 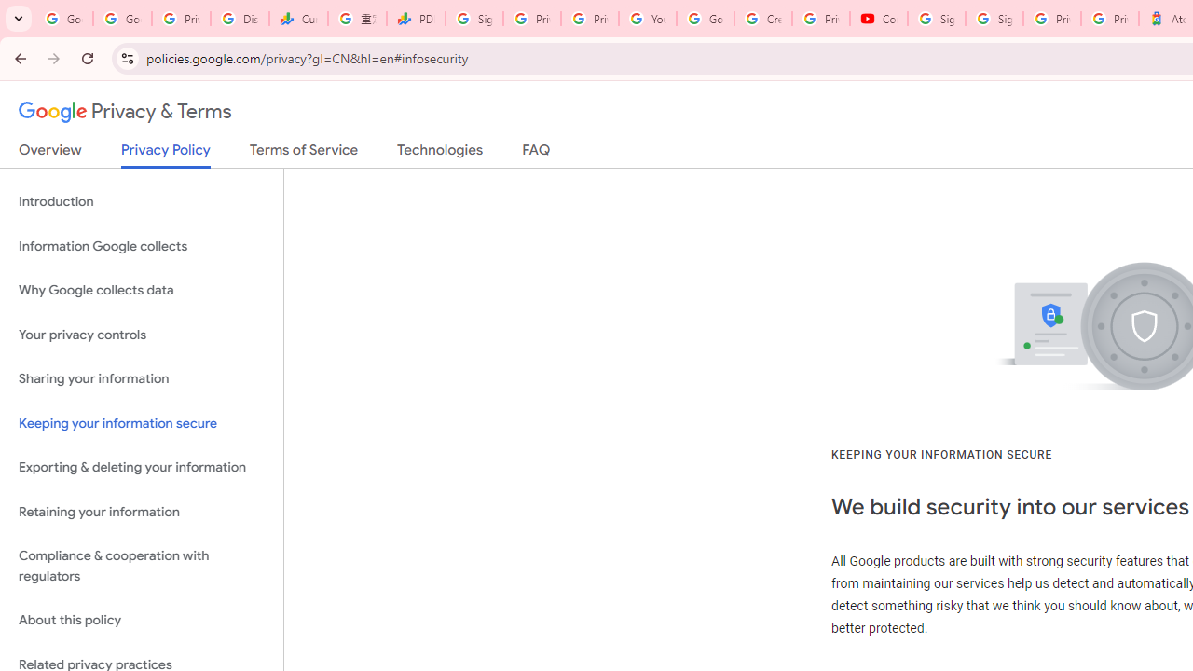 What do you see at coordinates (763, 19) in the screenshot?
I see `'Create your Google Account'` at bounding box center [763, 19].